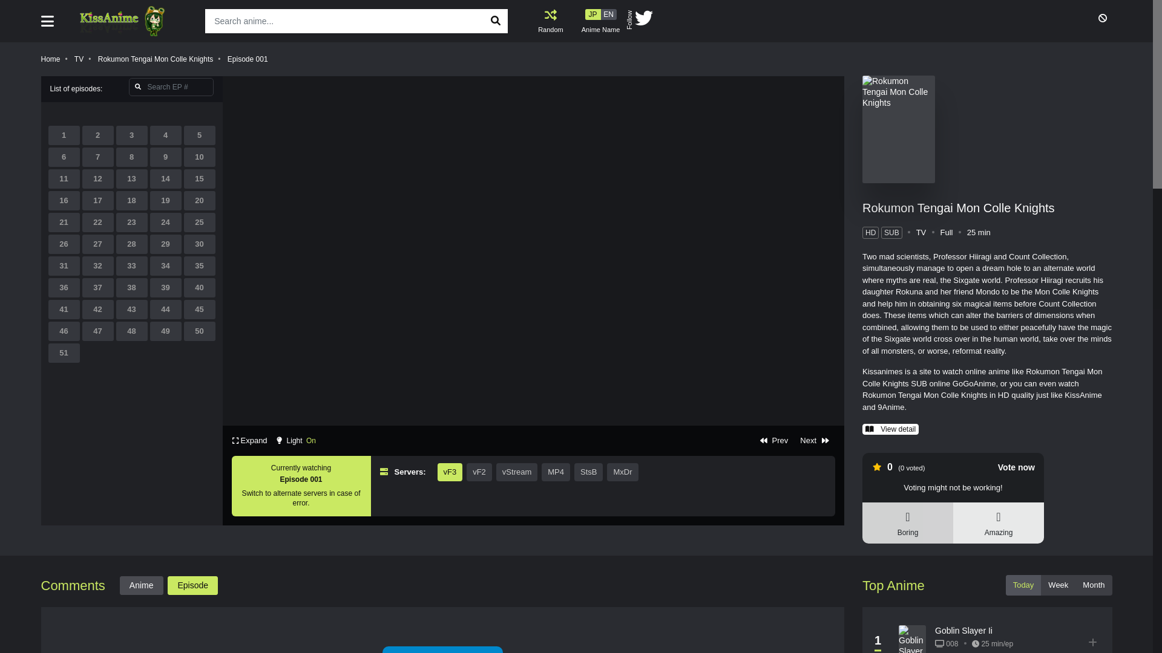 The image size is (1162, 653). Describe the element at coordinates (200, 309) in the screenshot. I see `'45'` at that location.